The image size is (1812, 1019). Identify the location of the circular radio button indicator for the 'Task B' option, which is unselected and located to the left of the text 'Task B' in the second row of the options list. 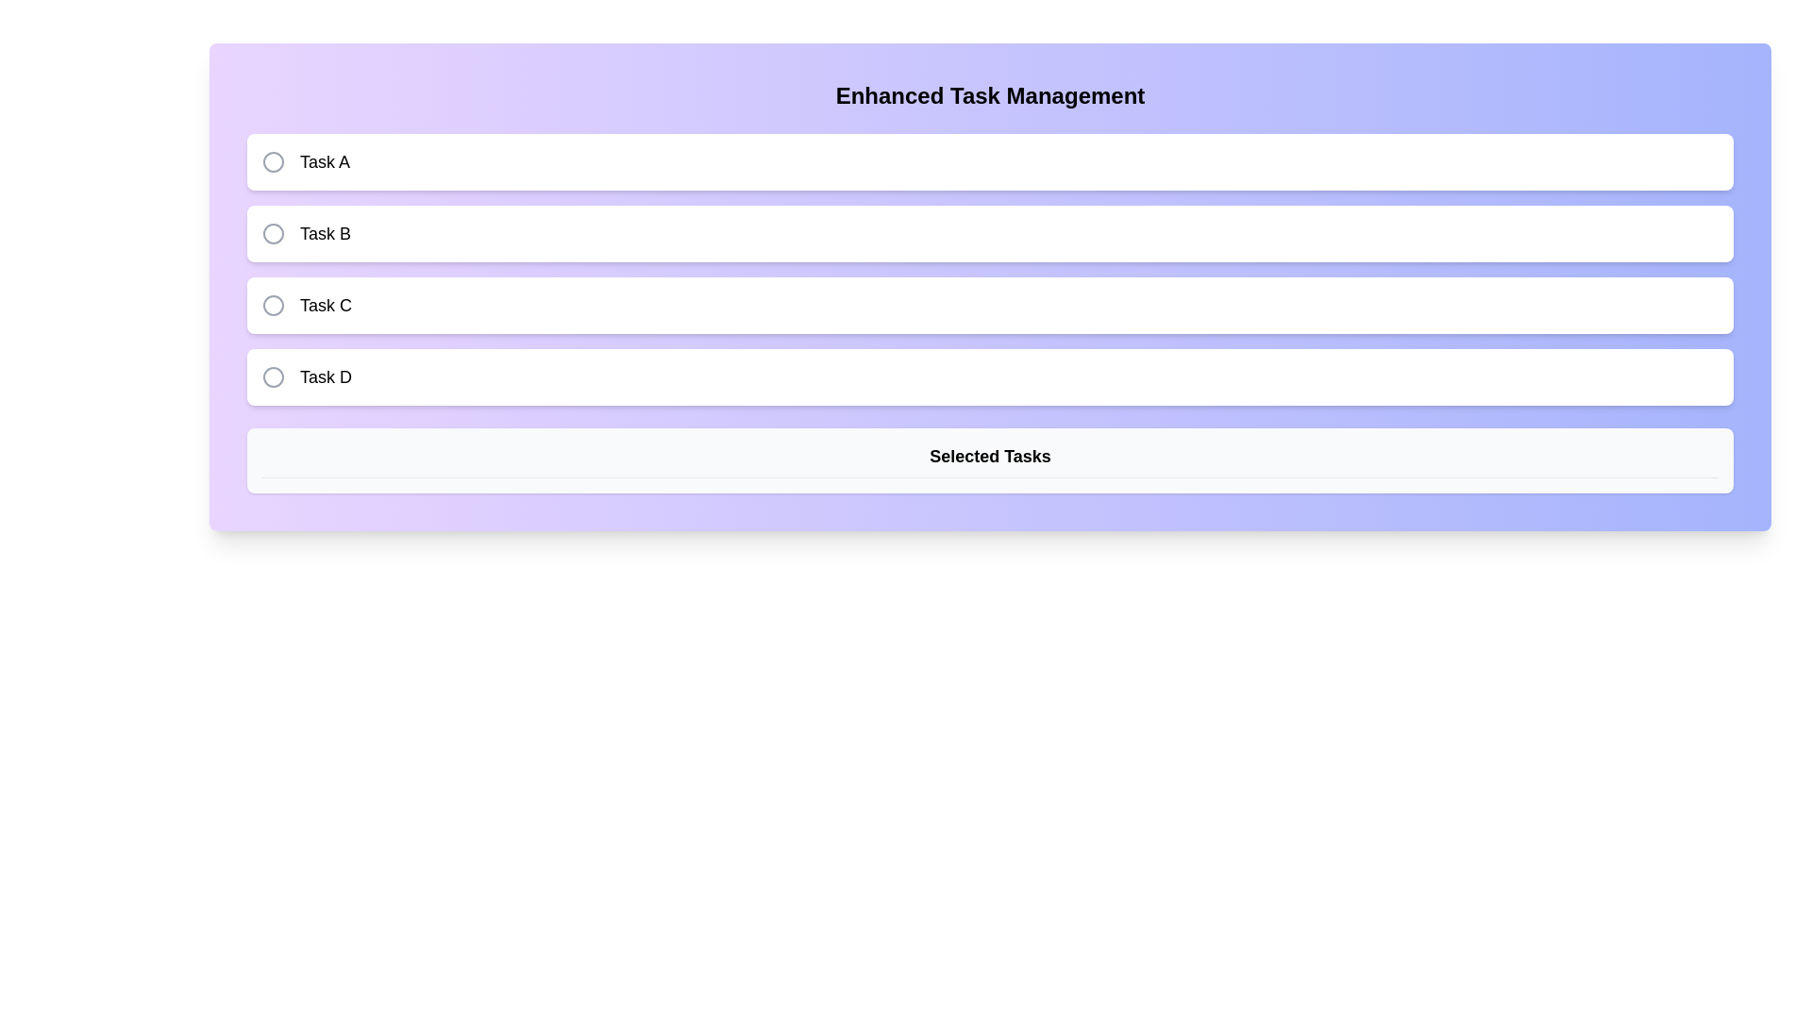
(272, 232).